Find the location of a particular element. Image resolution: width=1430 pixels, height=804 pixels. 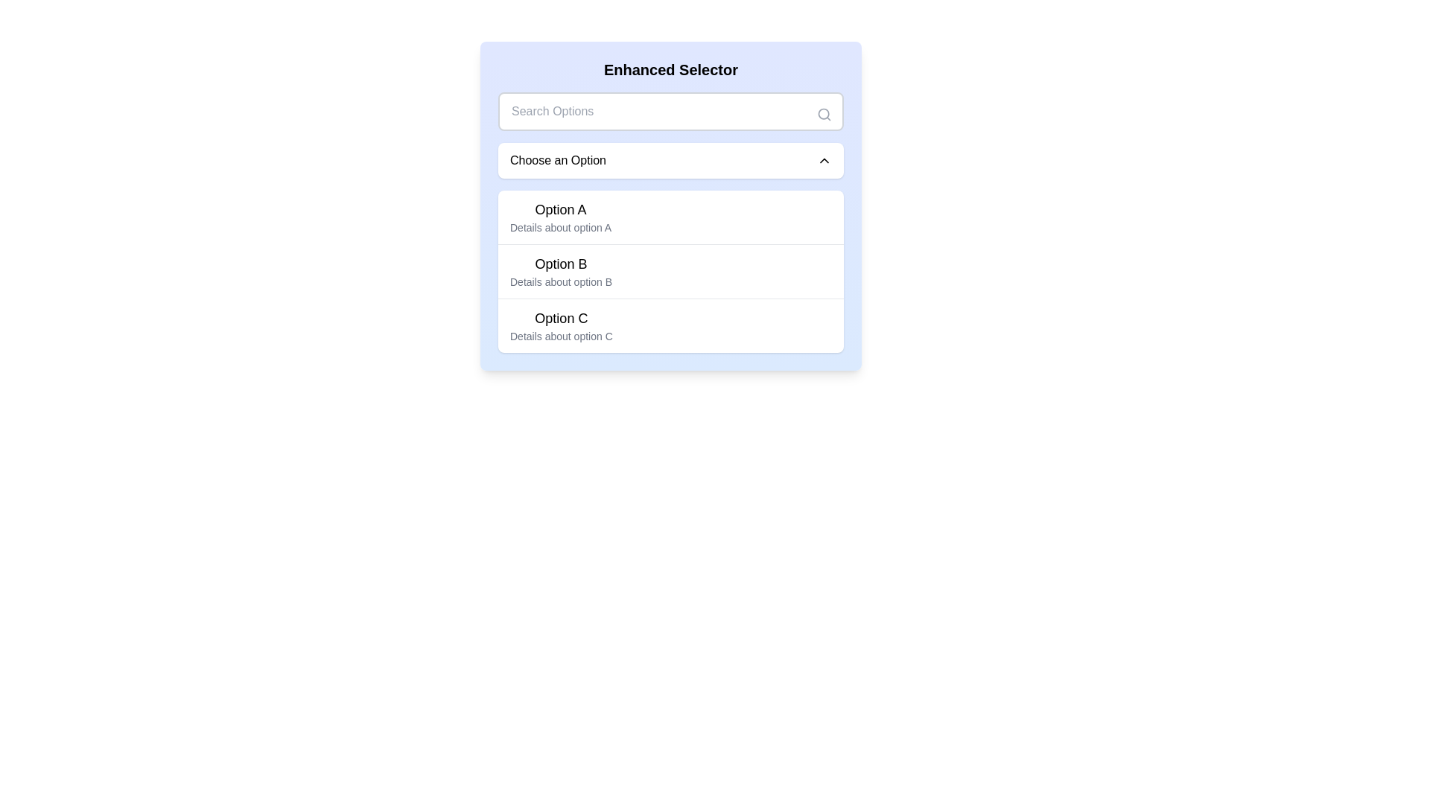

the selectable list option labeled 'Option B' is located at coordinates (670, 272).